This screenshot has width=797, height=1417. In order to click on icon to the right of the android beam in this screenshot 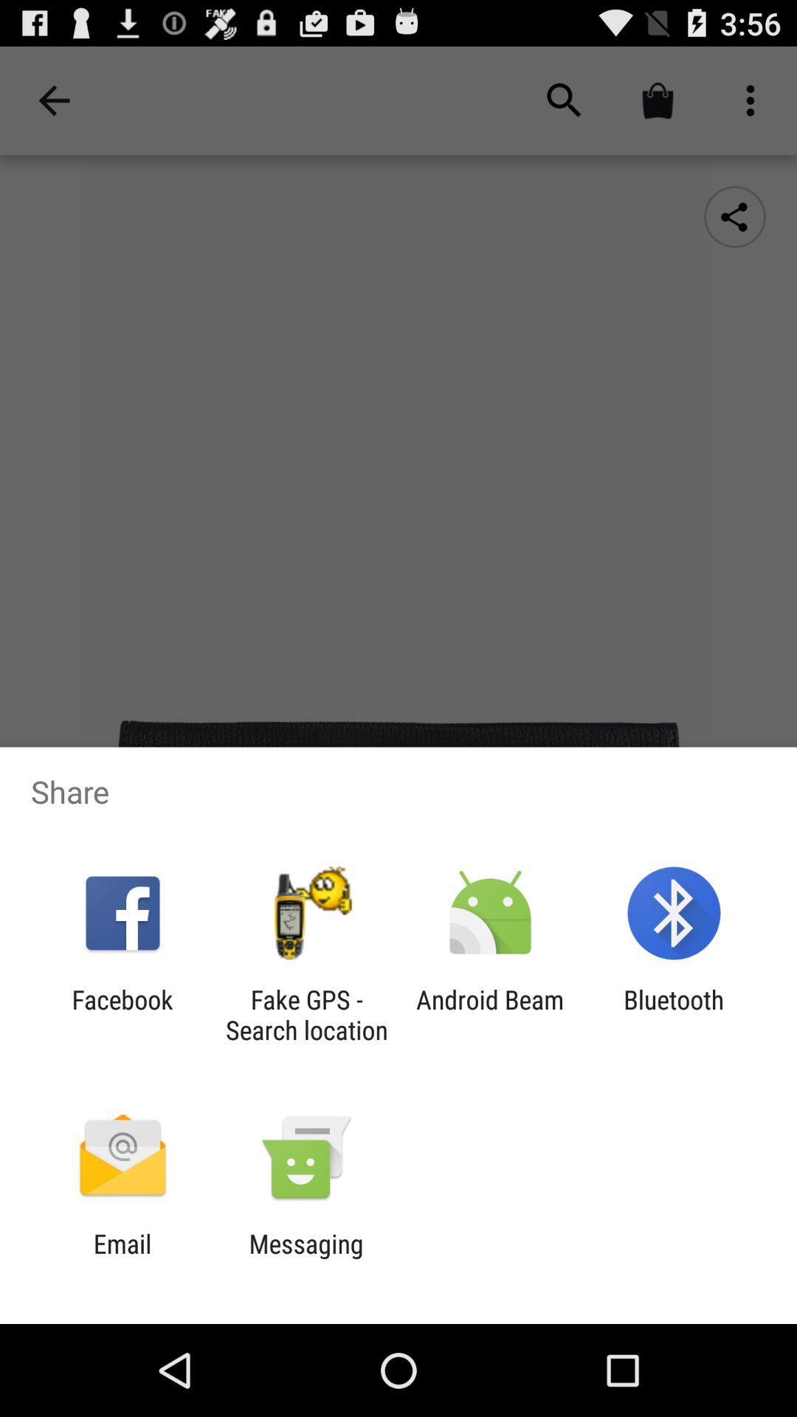, I will do `click(674, 1014)`.